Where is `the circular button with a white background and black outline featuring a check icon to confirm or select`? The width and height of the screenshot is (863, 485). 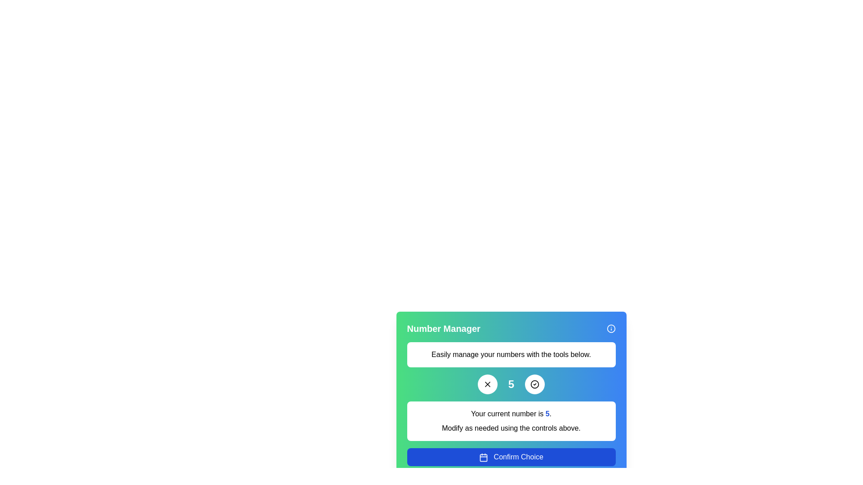
the circular button with a white background and black outline featuring a check icon to confirm or select is located at coordinates (535, 384).